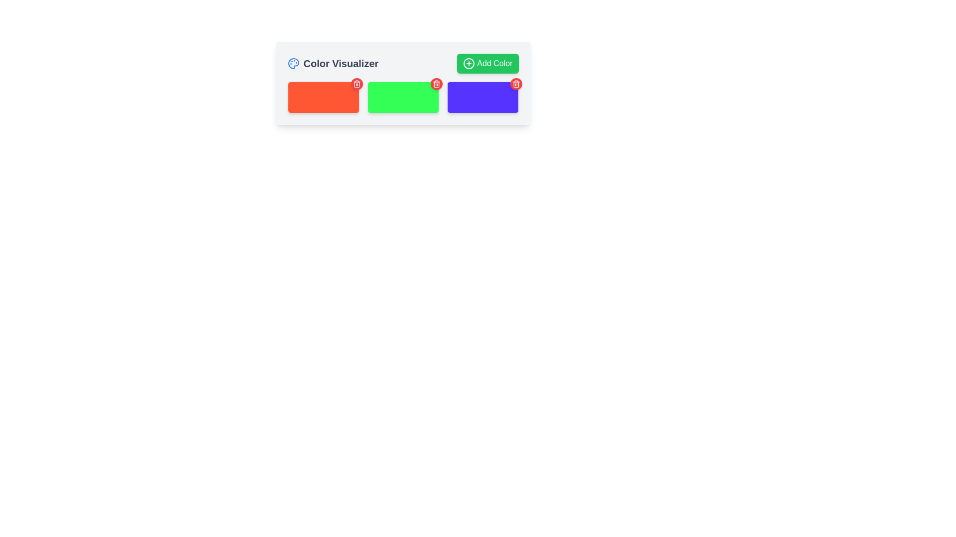 The height and width of the screenshot is (537, 956). Describe the element at coordinates (403, 97) in the screenshot. I see `the middle color display box, which has a bright green background and rounded edges, positioned centrally between a red box on the left and a purple box on the right` at that location.